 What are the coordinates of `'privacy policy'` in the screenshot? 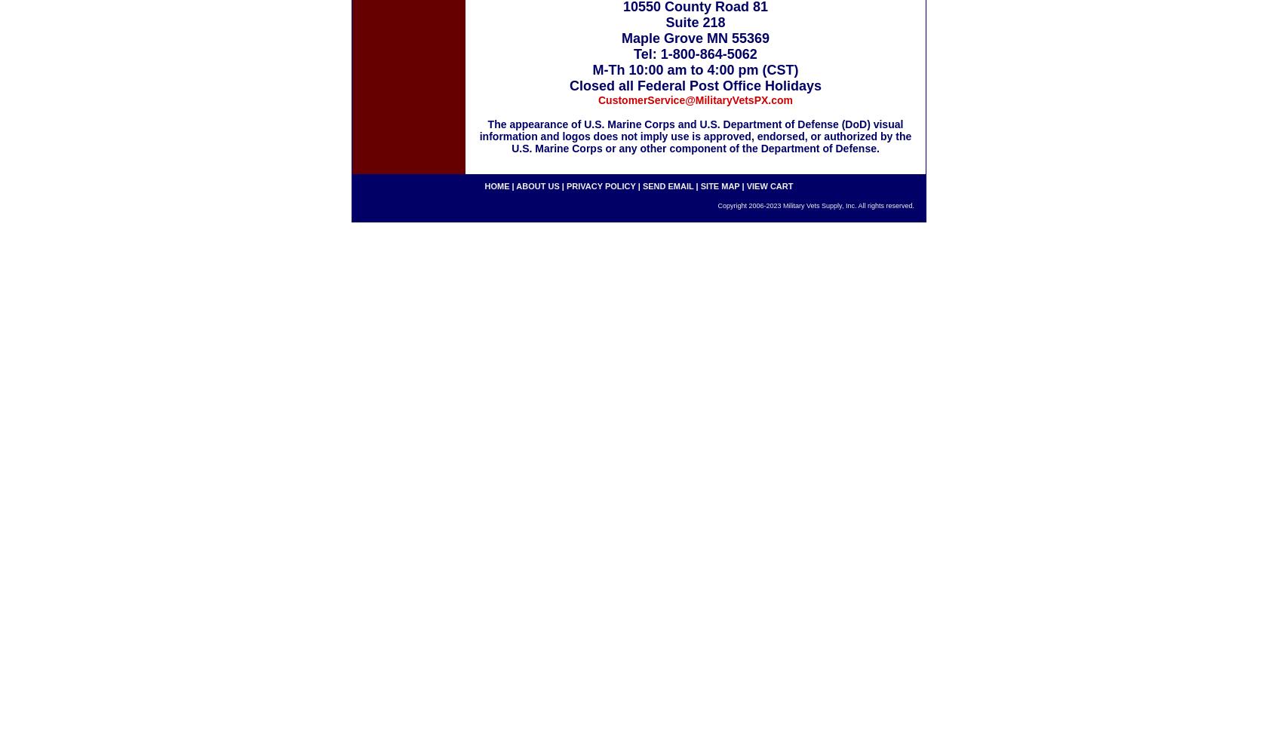 It's located at (601, 185).